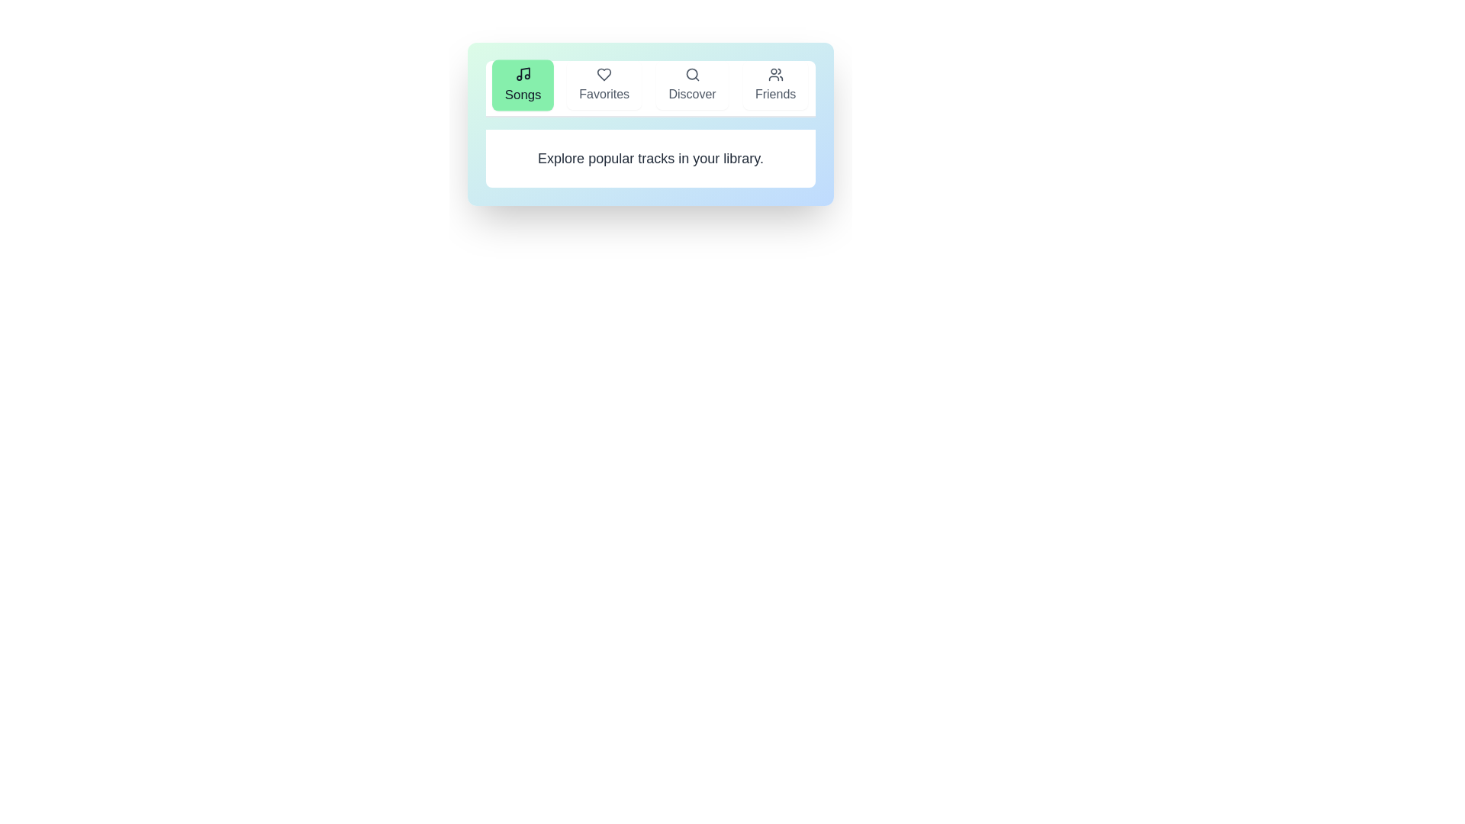  Describe the element at coordinates (604, 85) in the screenshot. I see `the tab labeled Favorites to view its specific content` at that location.